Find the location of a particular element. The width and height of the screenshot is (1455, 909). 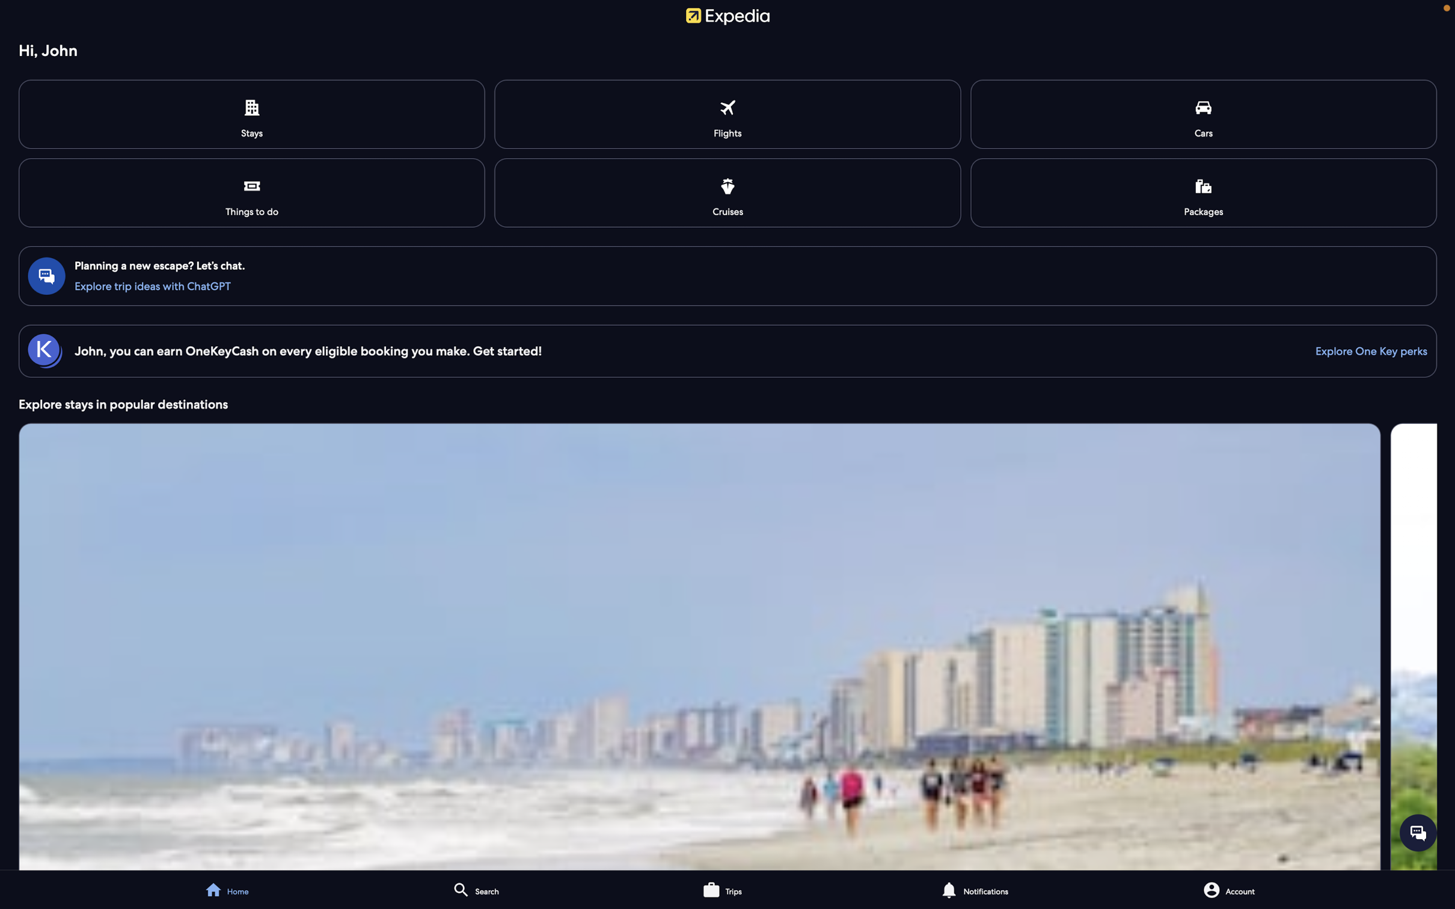

the starting page is located at coordinates (236, 887).